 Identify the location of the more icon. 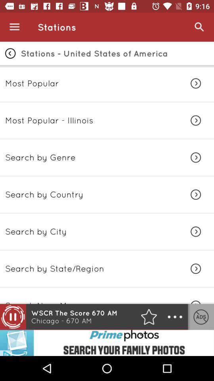
(175, 317).